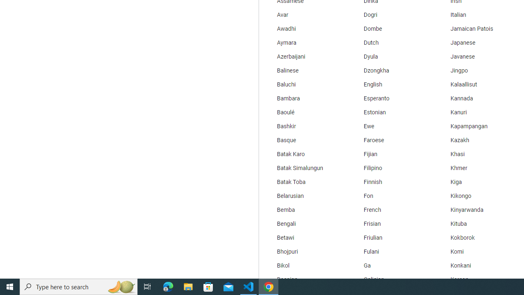 The image size is (524, 295). I want to click on 'Batak Karo', so click(305, 154).